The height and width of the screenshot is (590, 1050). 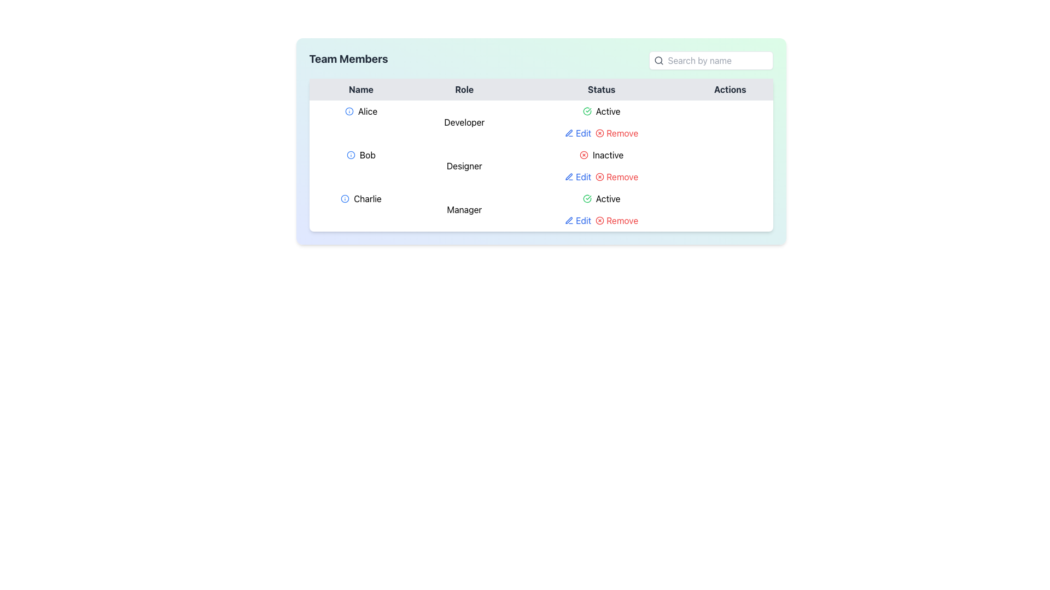 What do you see at coordinates (569, 220) in the screenshot?
I see `the 'Remove' icon in the 'Actions' column for the entry of 'Charlie' in the 'Team Members' table` at bounding box center [569, 220].